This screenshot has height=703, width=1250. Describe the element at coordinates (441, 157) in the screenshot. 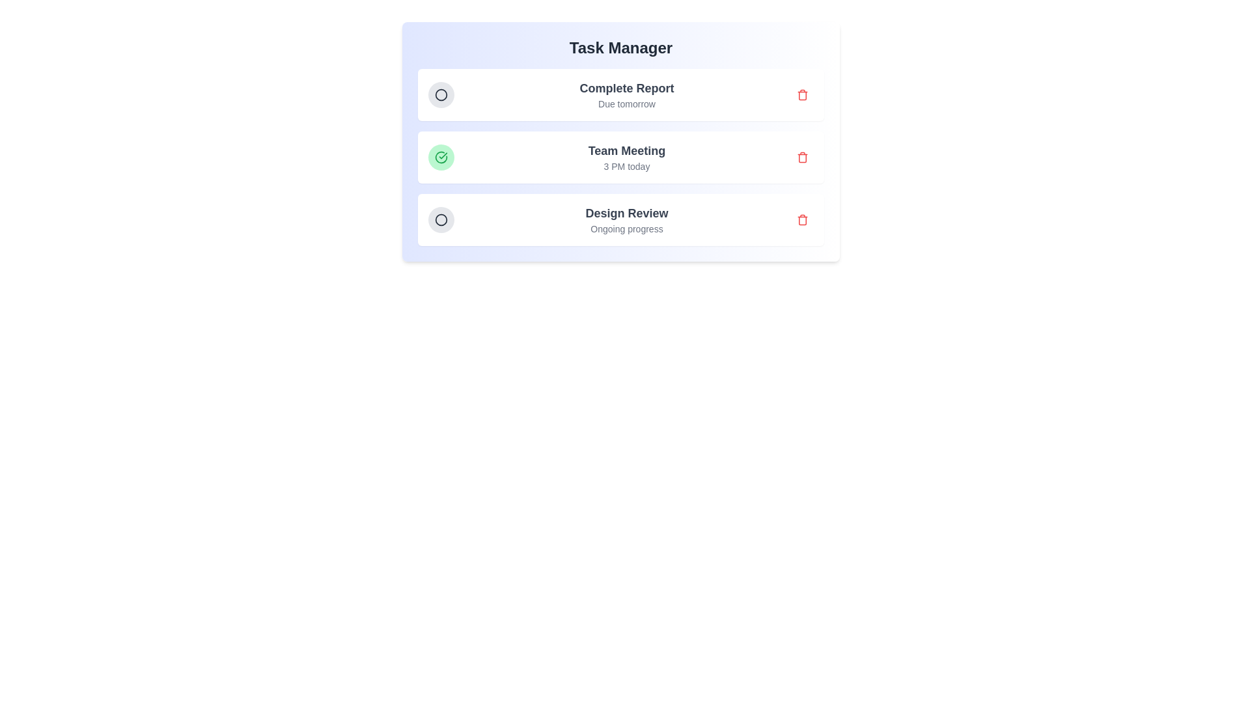

I see `the completion status icon located to the left of the 'Team Meeting' task title in the second row of the task list` at that location.